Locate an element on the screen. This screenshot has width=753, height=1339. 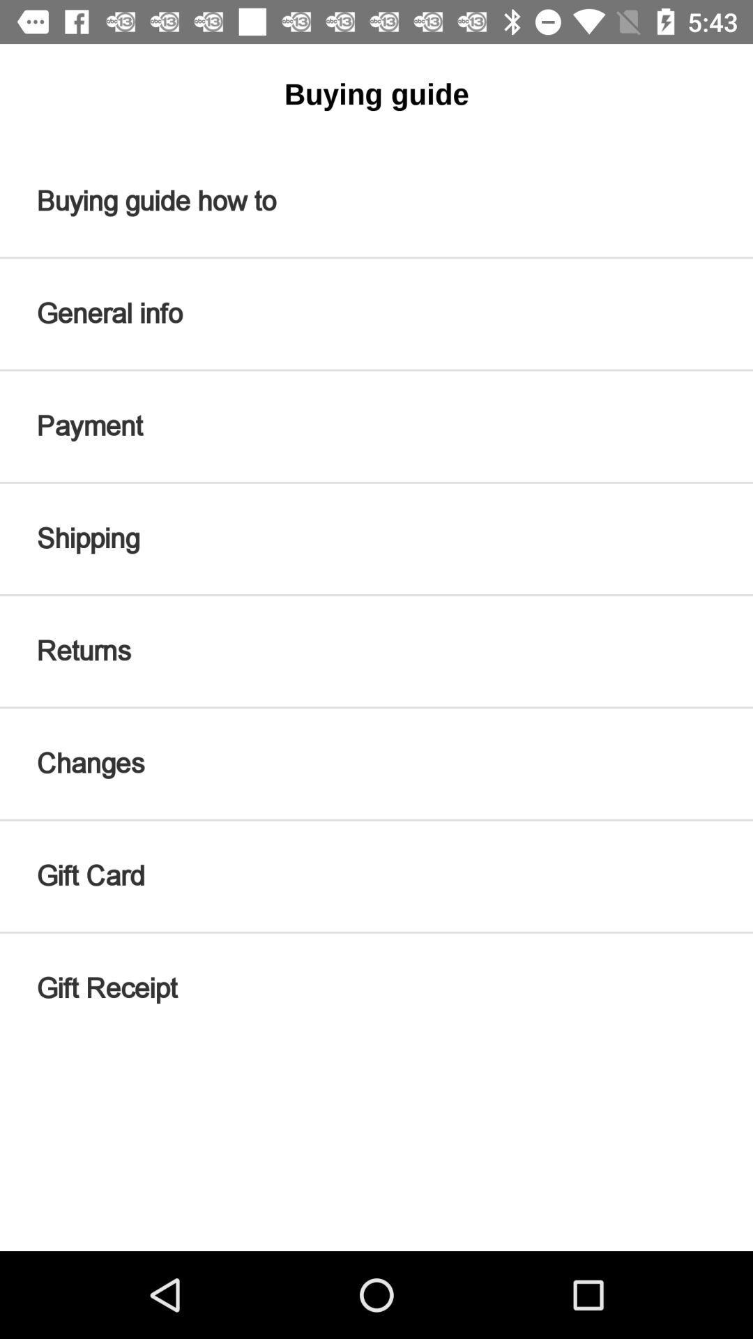
item below payment icon is located at coordinates (376, 538).